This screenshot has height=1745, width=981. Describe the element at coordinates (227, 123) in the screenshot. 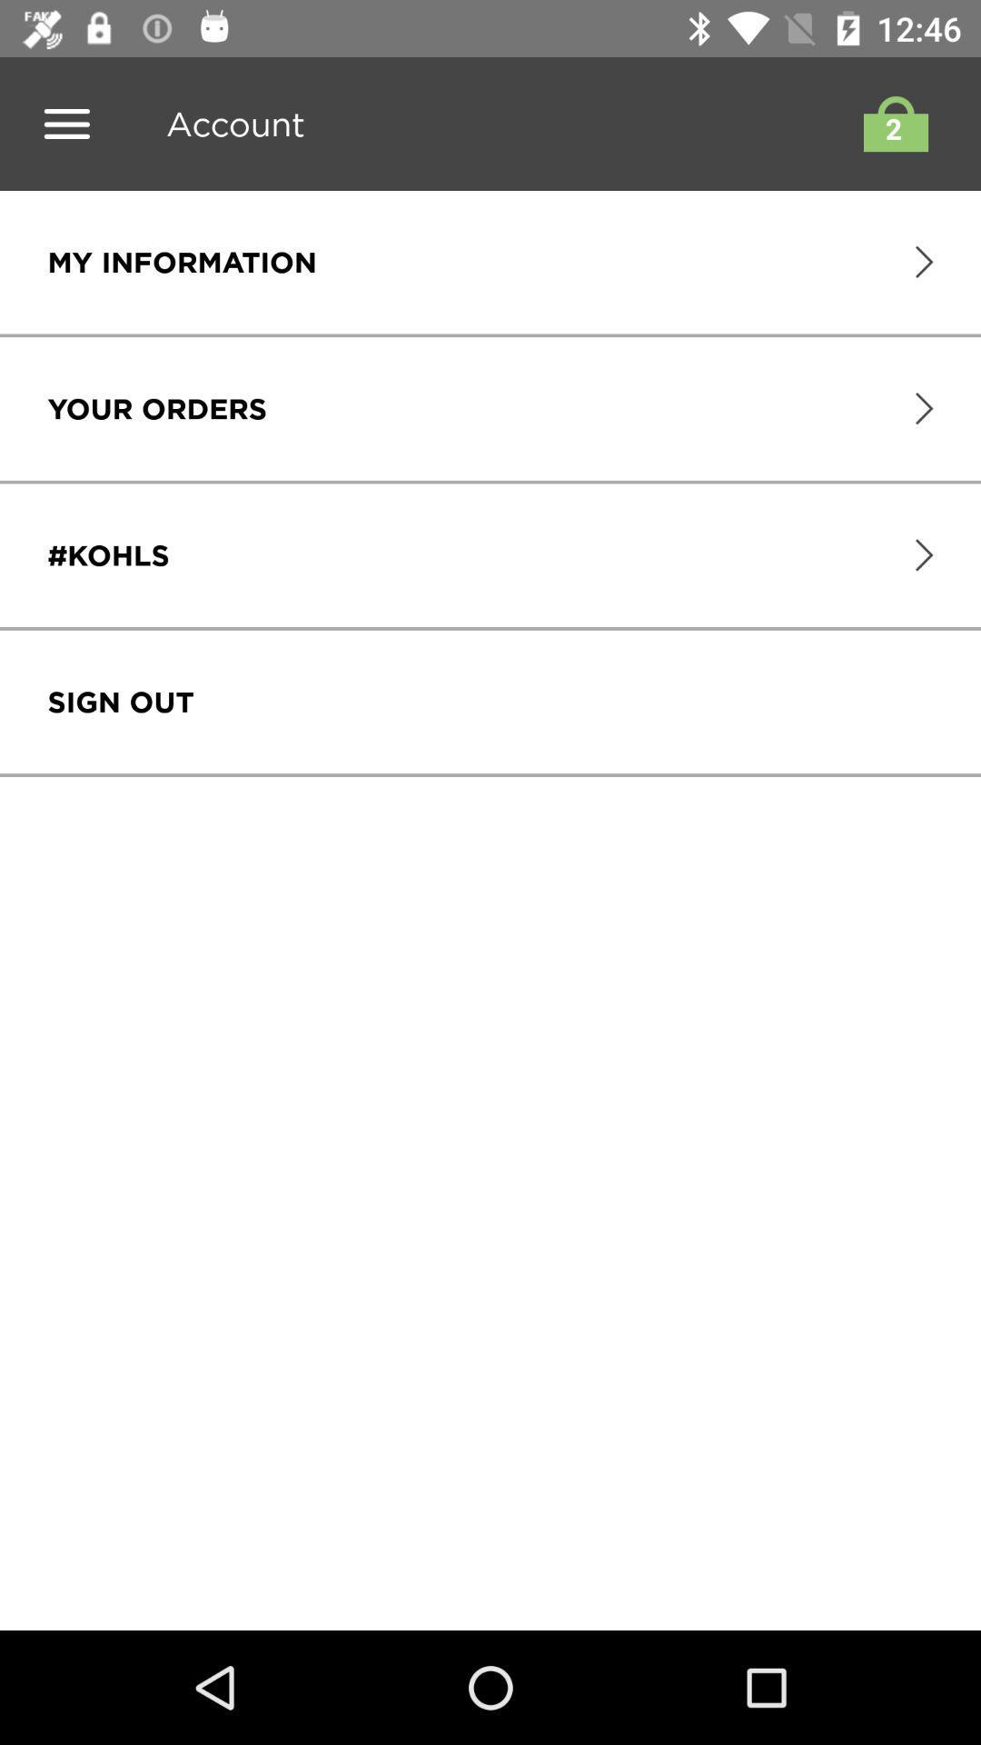

I see `the account item` at that location.